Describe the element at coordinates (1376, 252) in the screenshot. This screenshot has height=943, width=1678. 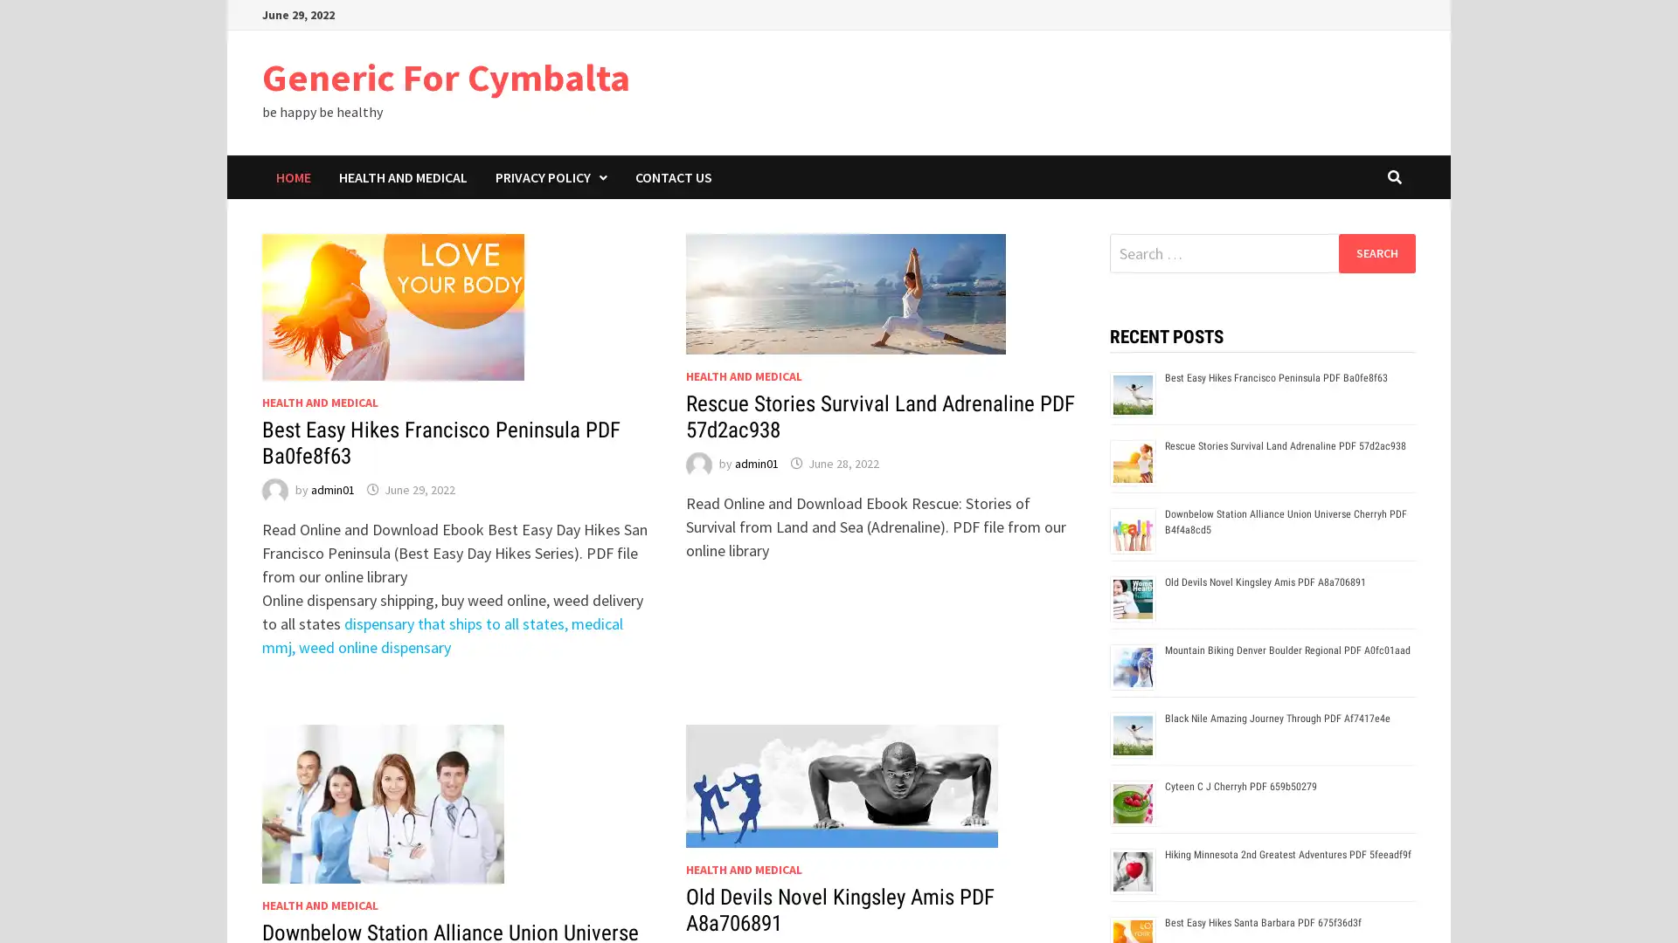
I see `Search` at that location.